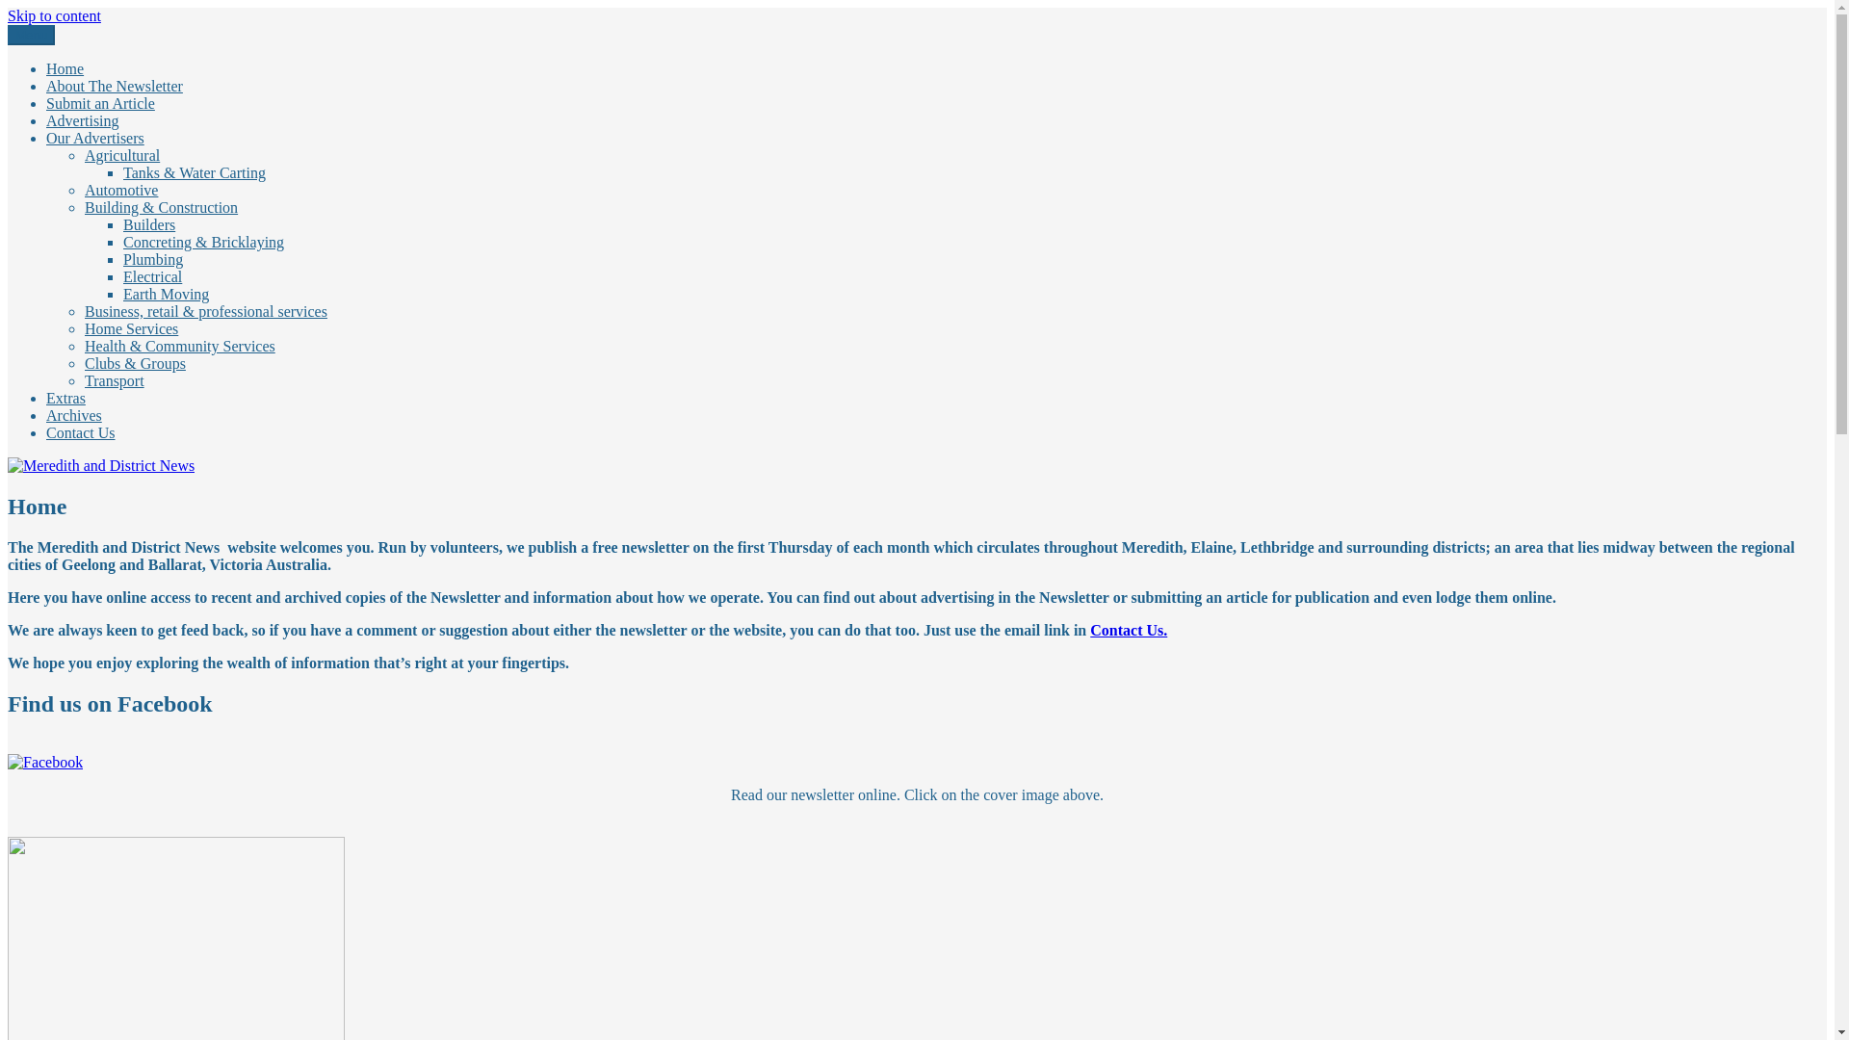 The height and width of the screenshot is (1040, 1849). What do you see at coordinates (151, 258) in the screenshot?
I see `'Plumbing'` at bounding box center [151, 258].